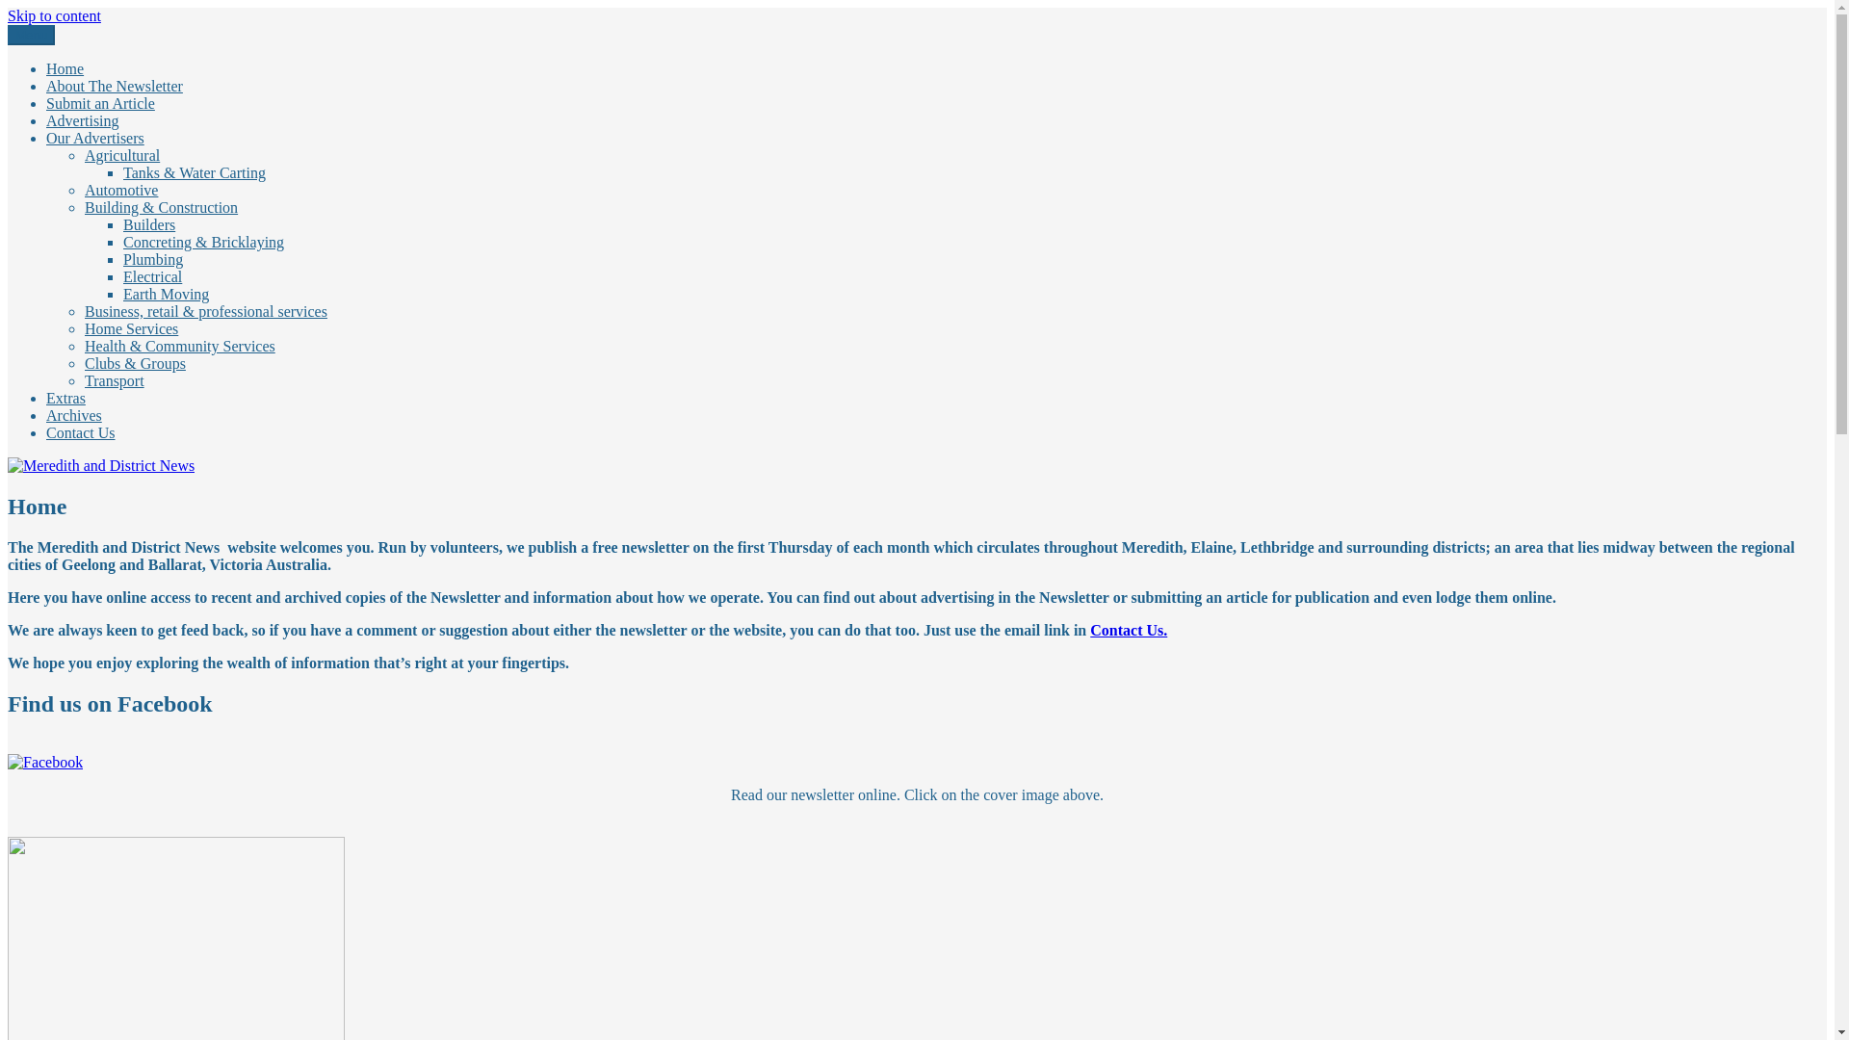 The height and width of the screenshot is (1040, 1849). What do you see at coordinates (151, 258) in the screenshot?
I see `'Plumbing'` at bounding box center [151, 258].